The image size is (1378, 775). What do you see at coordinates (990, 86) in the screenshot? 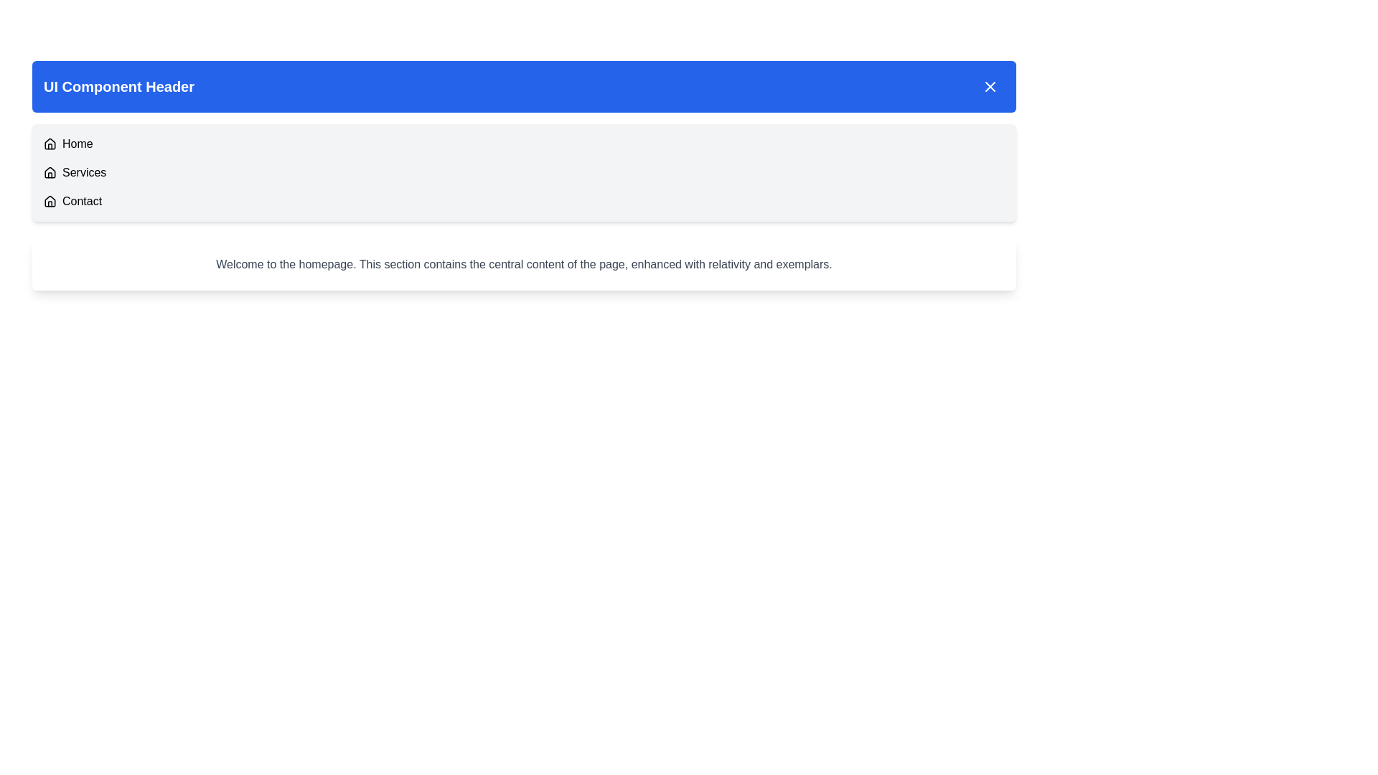
I see `the Close button icon located in the top-right corner of the header section to trigger the hover effect` at bounding box center [990, 86].